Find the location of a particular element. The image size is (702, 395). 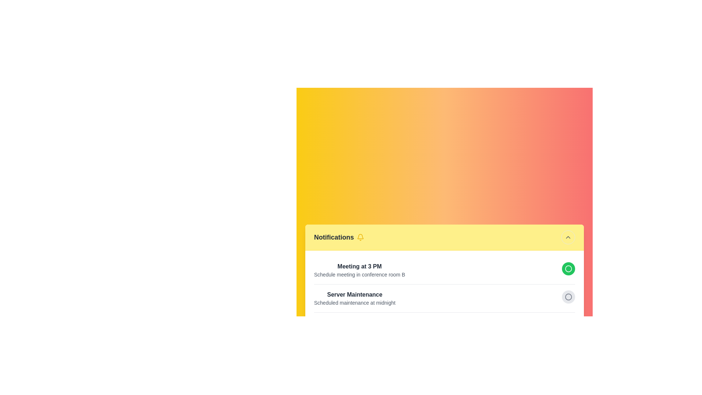

the circular button with a gray background and outline, located to the far right of the 'Server Maintenance' notification is located at coordinates (568, 296).